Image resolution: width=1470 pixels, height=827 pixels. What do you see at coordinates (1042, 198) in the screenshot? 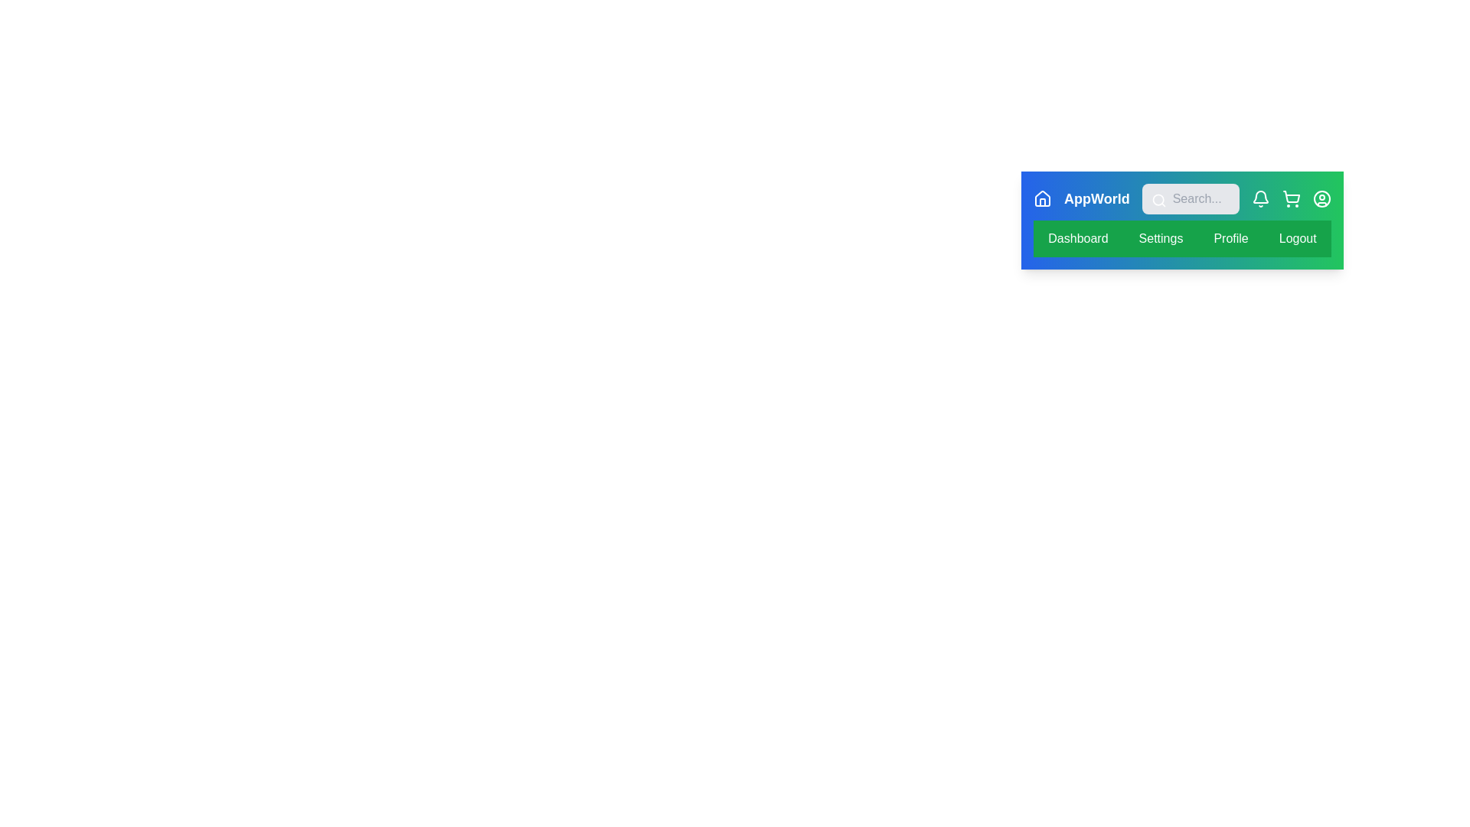
I see `the navigation icon corresponding to home` at bounding box center [1042, 198].